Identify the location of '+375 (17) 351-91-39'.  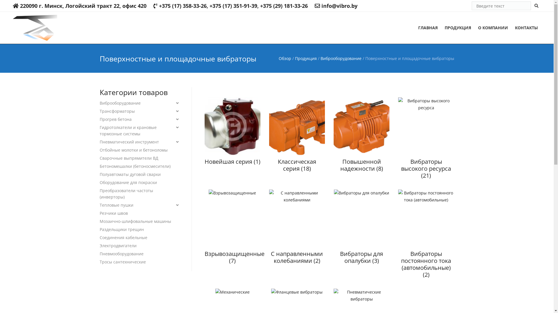
(233, 6).